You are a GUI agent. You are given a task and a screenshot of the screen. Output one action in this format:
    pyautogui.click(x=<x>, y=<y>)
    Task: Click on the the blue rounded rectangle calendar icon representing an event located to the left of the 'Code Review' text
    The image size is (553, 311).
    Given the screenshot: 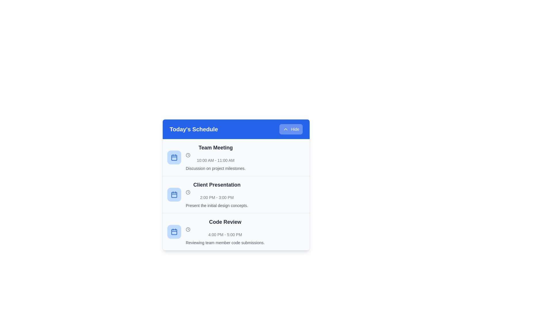 What is the action you would take?
    pyautogui.click(x=174, y=232)
    